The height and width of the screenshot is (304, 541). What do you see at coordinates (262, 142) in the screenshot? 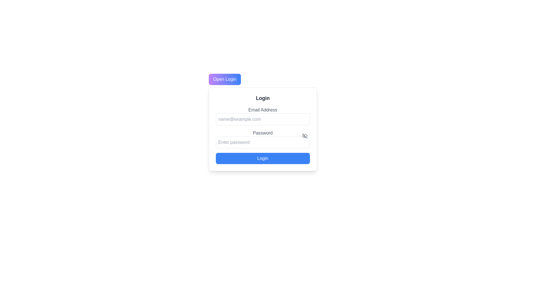
I see `the Password input field to focus on it, which is located centrally within the form just below the 'Email Address' input box` at bounding box center [262, 142].